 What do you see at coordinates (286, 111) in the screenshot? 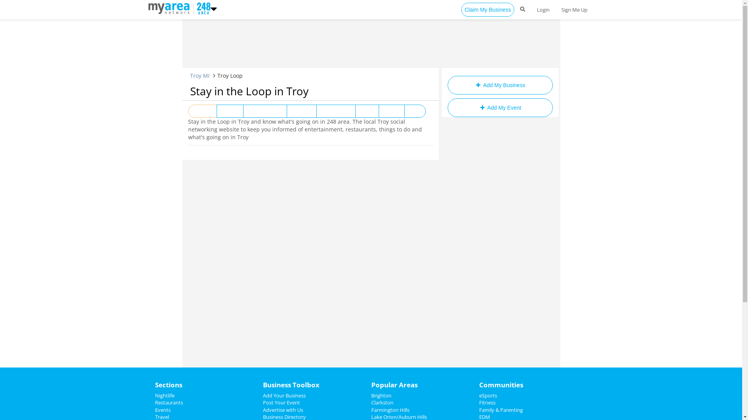
I see `'Nightlife'` at bounding box center [286, 111].